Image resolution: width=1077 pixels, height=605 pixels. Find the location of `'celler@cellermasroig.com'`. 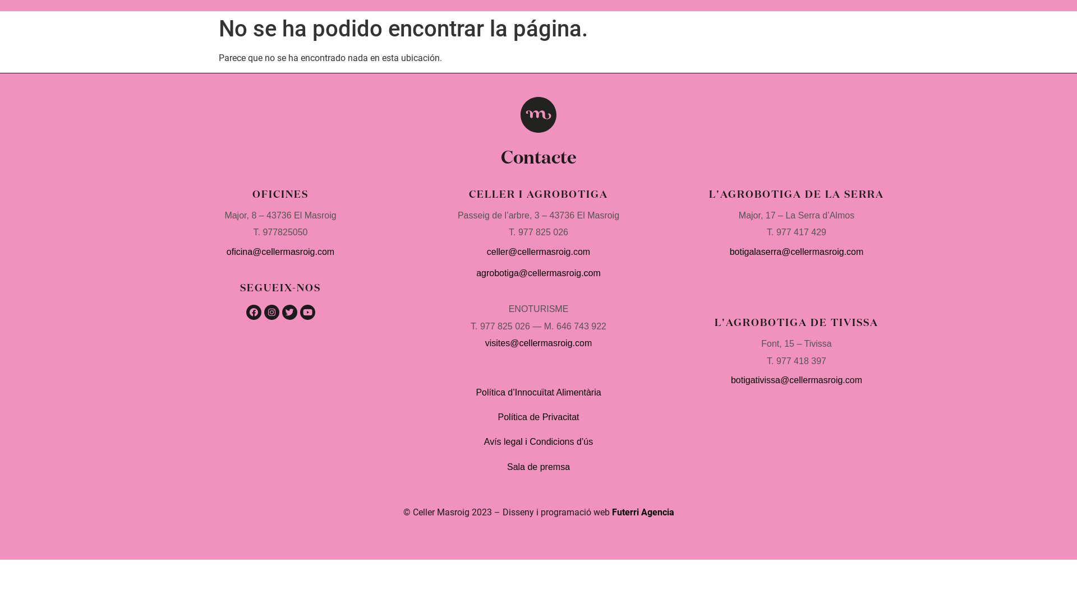

'celler@cellermasroig.com' is located at coordinates (487, 251).